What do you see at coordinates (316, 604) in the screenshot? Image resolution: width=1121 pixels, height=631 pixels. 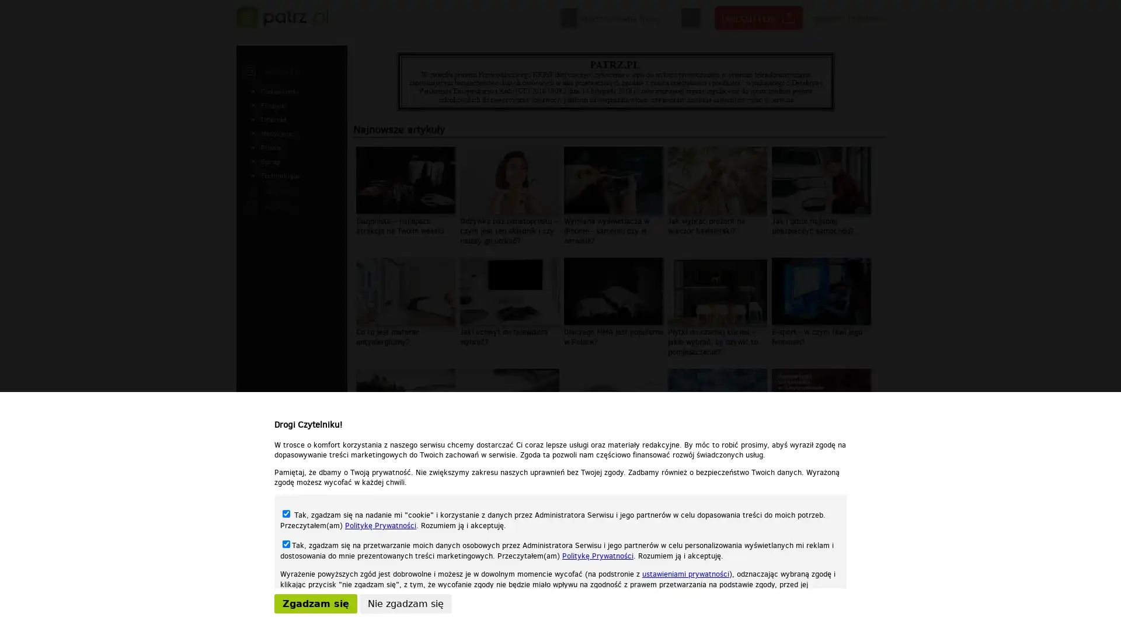 I see `Zgadzam sie` at bounding box center [316, 604].